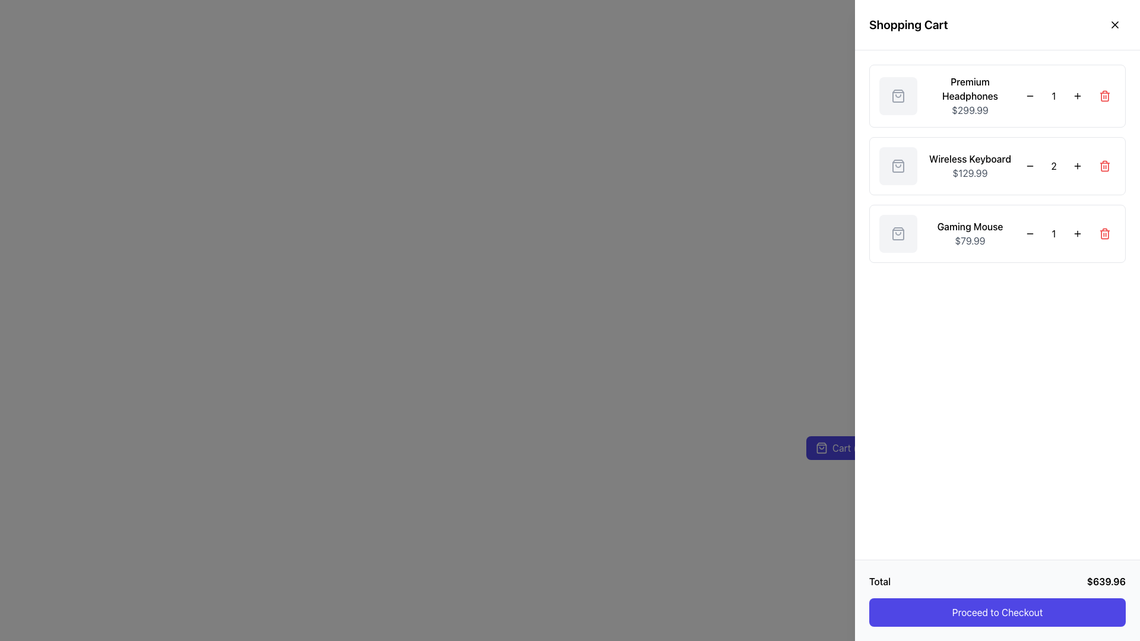  Describe the element at coordinates (1029, 96) in the screenshot. I see `the circular button with a minus icon located to the left of the quantity display for 'Premium Headphones' in the shopping cart` at that location.